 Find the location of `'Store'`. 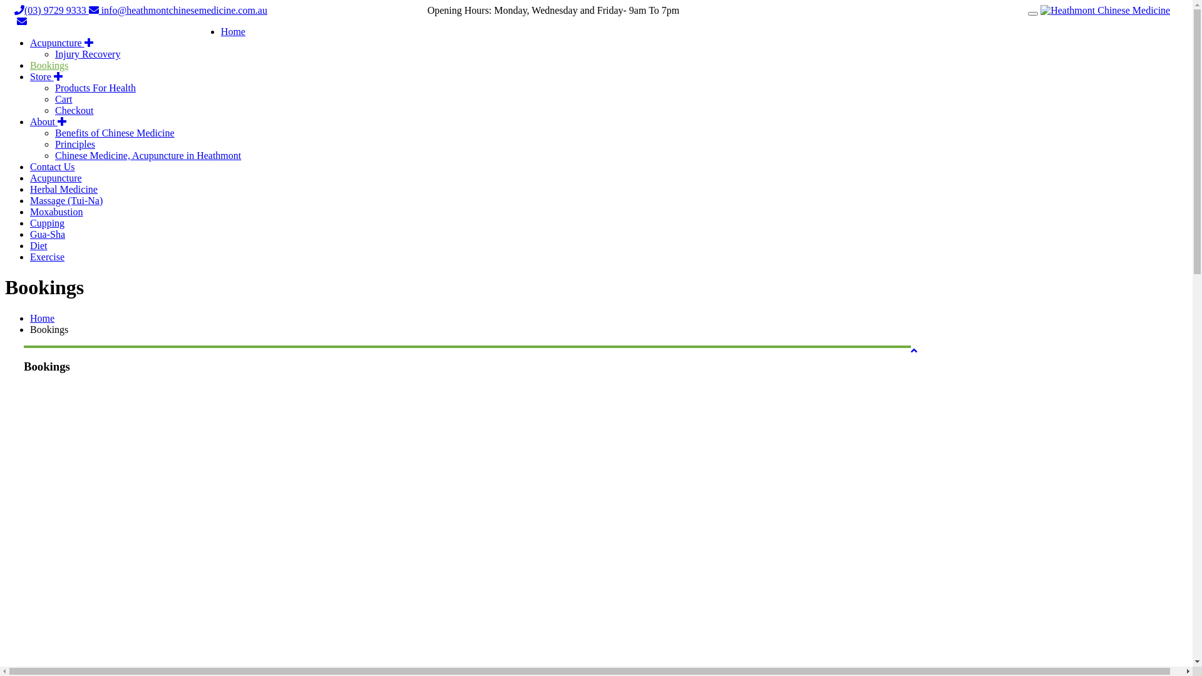

'Store' is located at coordinates (46, 76).